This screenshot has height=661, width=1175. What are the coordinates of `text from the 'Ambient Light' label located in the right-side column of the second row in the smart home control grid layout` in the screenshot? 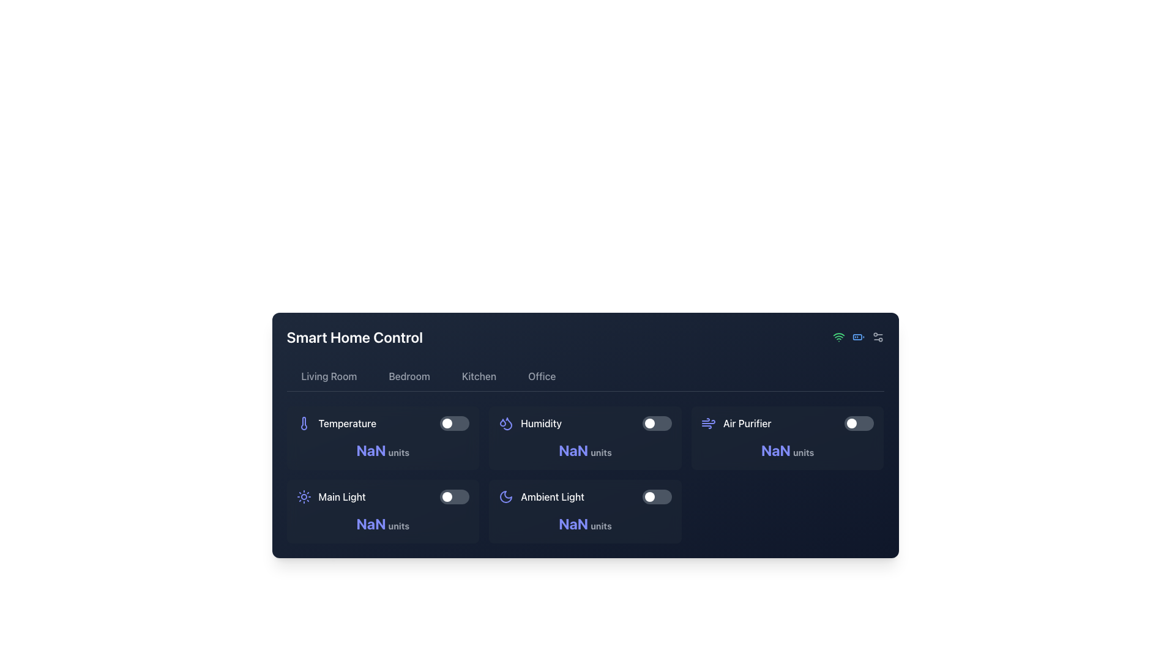 It's located at (552, 497).